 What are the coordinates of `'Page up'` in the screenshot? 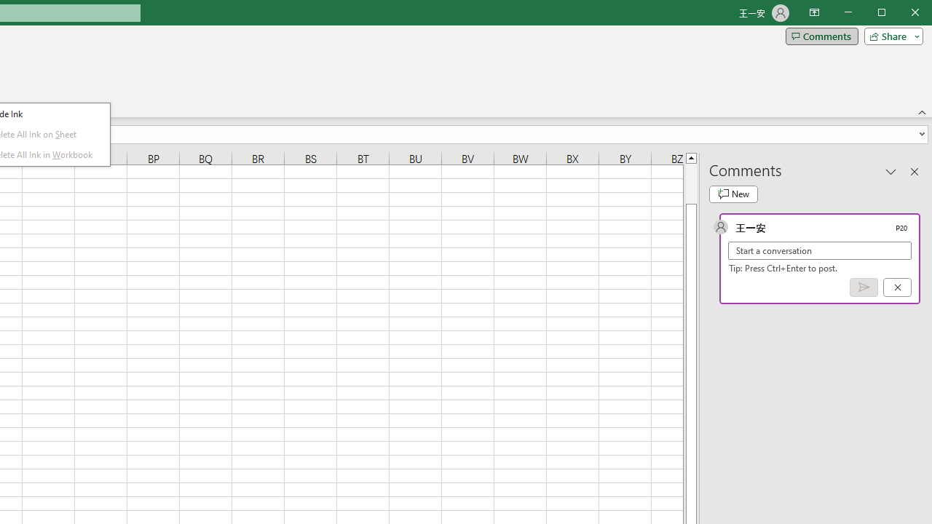 It's located at (690, 183).